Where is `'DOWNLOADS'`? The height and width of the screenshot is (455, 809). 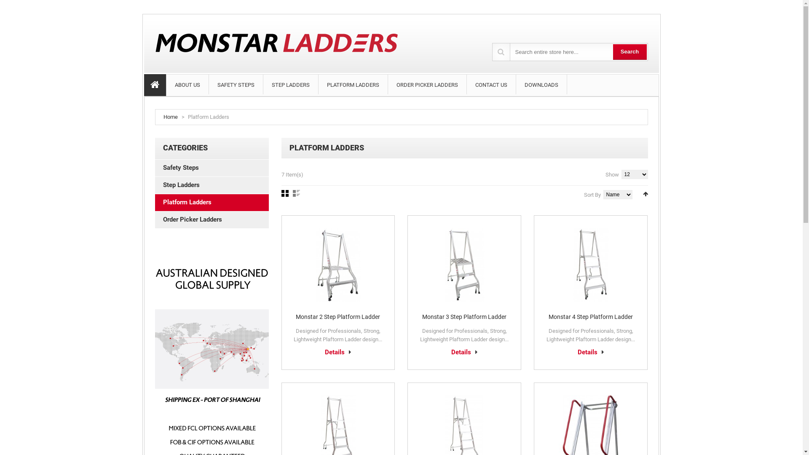
'DOWNLOADS' is located at coordinates (515, 84).